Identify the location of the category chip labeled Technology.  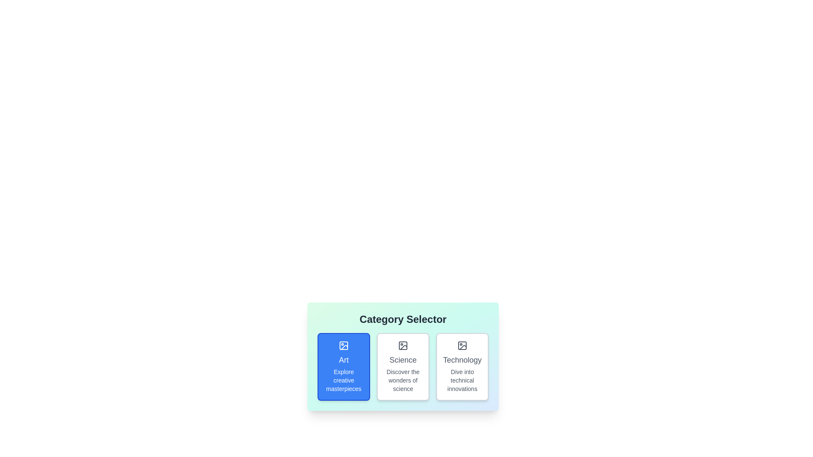
(462, 366).